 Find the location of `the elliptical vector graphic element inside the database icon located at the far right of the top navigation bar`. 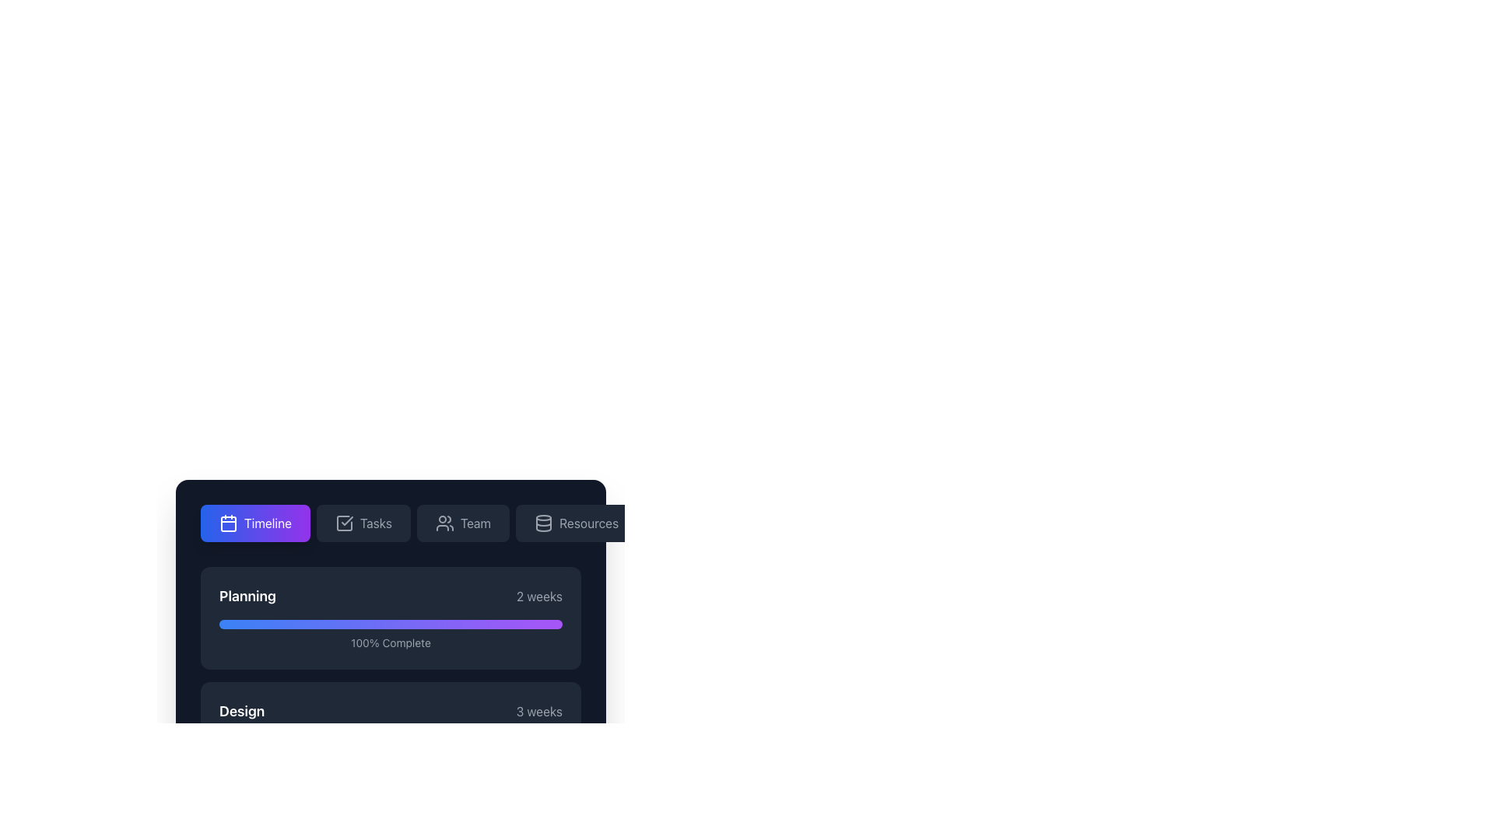

the elliptical vector graphic element inside the database icon located at the far right of the top navigation bar is located at coordinates (544, 518).